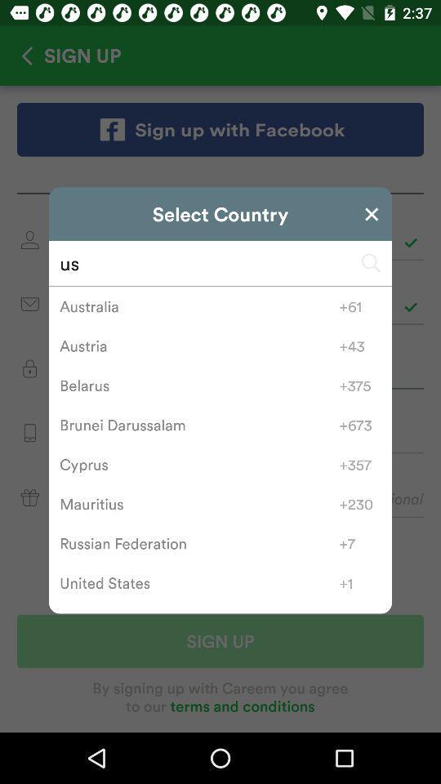  Describe the element at coordinates (199, 385) in the screenshot. I see `the belarus item` at that location.